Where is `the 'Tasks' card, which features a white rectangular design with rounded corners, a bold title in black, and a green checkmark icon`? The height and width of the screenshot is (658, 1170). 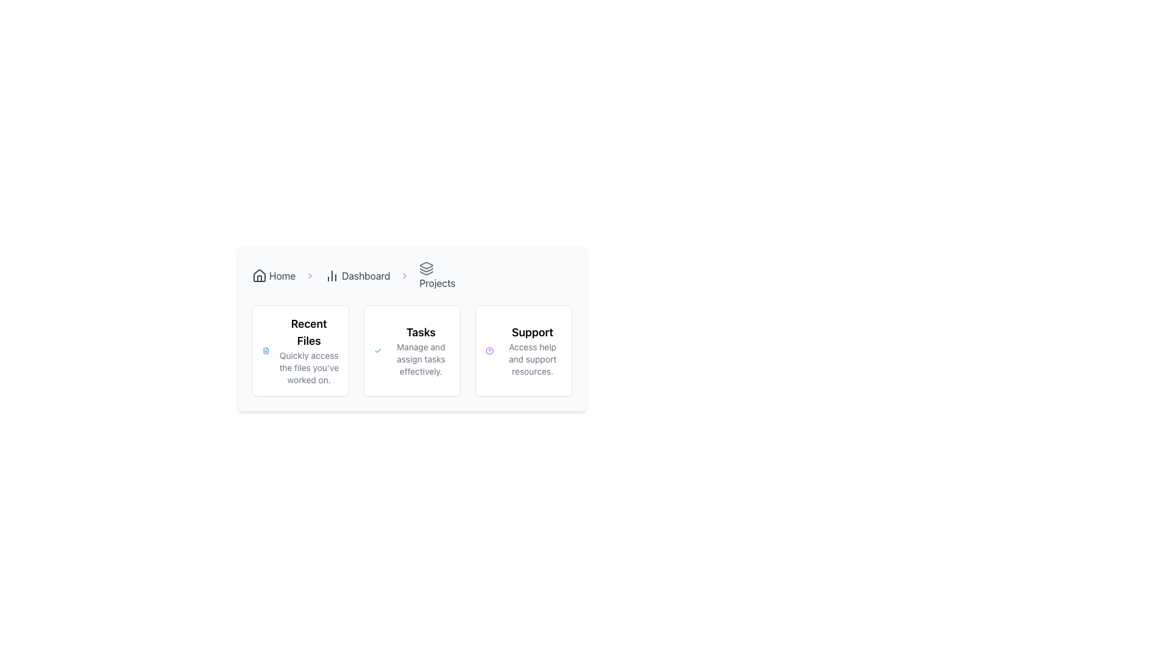
the 'Tasks' card, which features a white rectangular design with rounded corners, a bold title in black, and a green checkmark icon is located at coordinates (412, 350).